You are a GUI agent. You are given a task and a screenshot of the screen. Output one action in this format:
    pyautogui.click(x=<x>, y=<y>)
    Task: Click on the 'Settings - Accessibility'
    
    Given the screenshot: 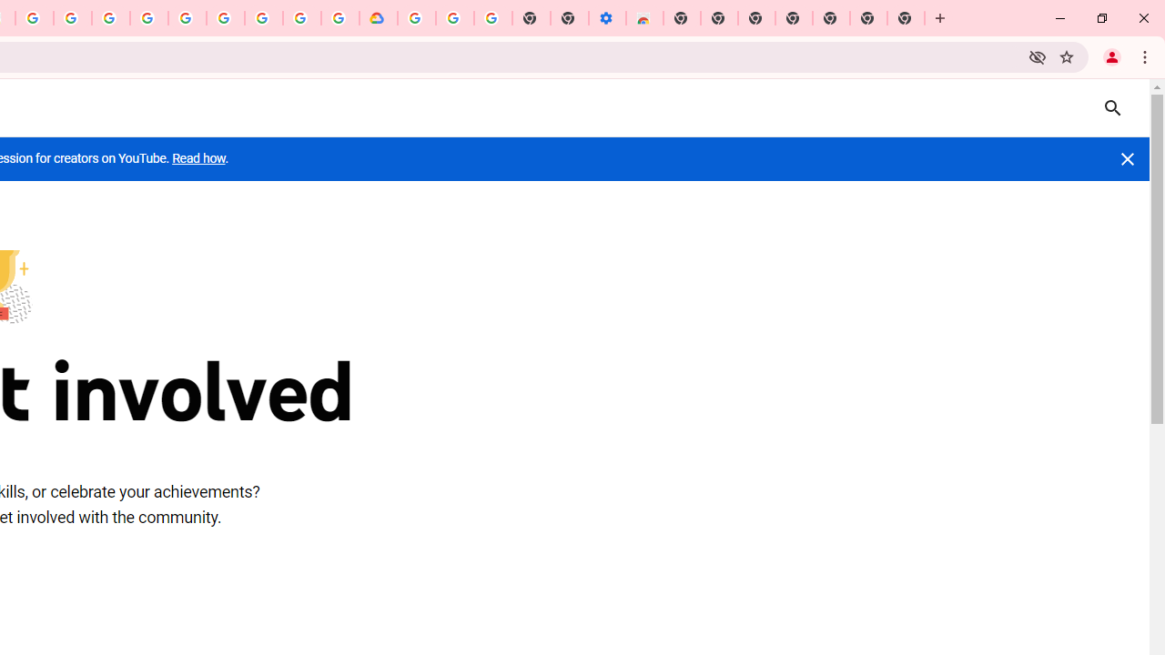 What is the action you would take?
    pyautogui.click(x=607, y=18)
    